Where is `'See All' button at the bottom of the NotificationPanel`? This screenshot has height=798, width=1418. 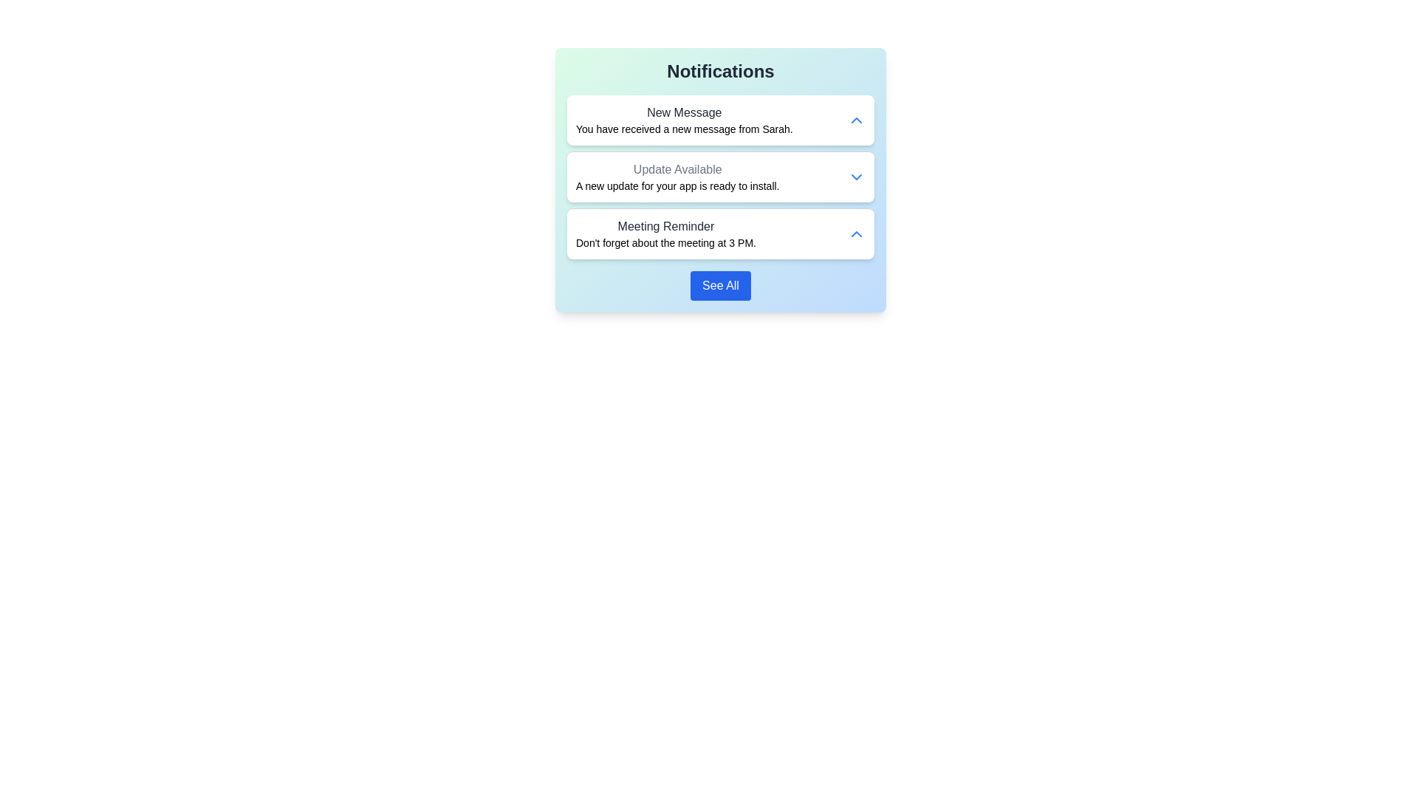
'See All' button at the bottom of the NotificationPanel is located at coordinates (720, 285).